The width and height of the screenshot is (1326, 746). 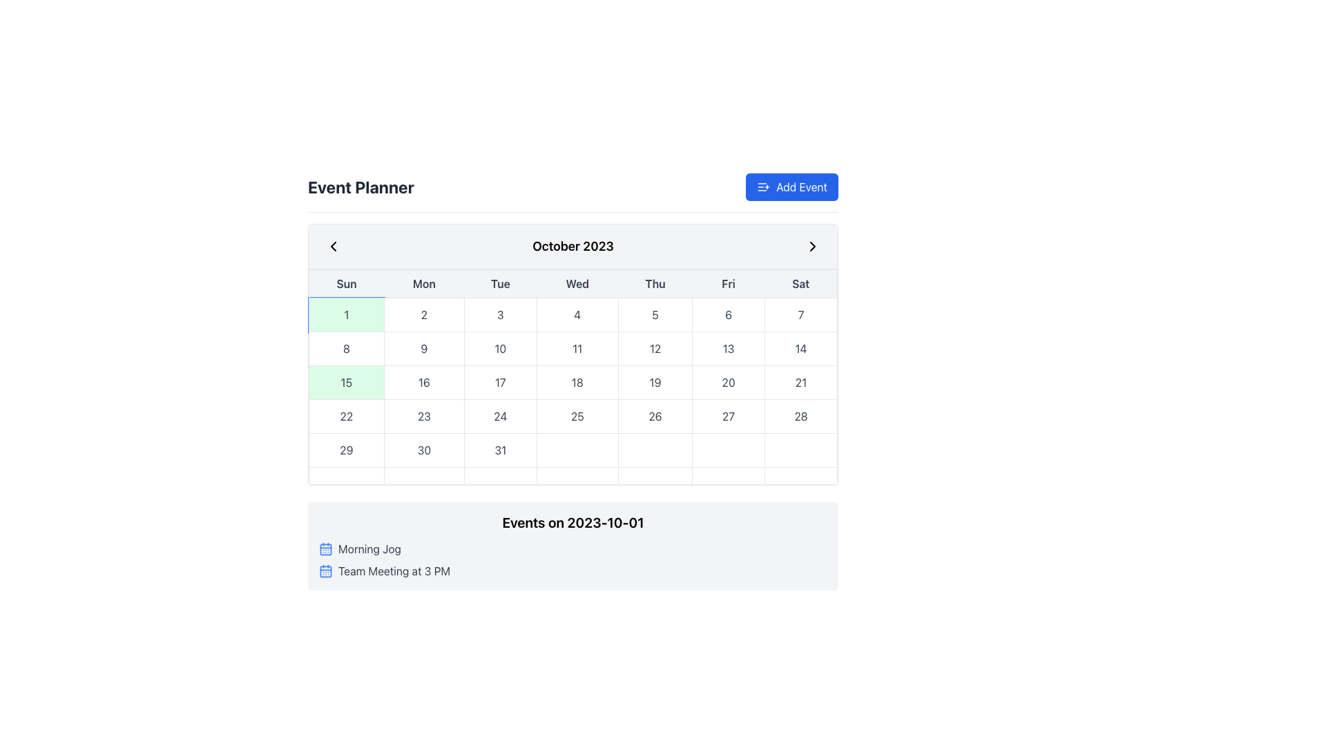 I want to click on the calendar date cell displaying the number '14', so click(x=800, y=348).